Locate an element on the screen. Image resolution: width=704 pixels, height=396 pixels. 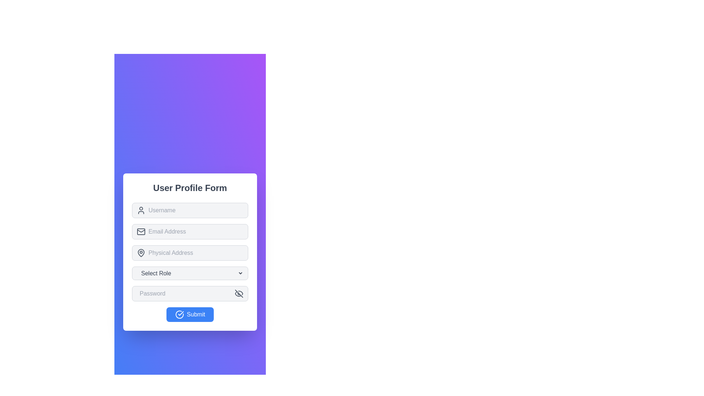
the username icon located to the left of the text input box in the User Profile Form, which visually indicates the purpose of the adjacent field is located at coordinates (141, 210).